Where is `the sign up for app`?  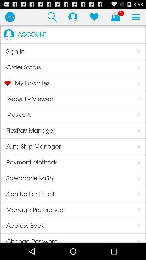 the sign up for app is located at coordinates (27, 194).